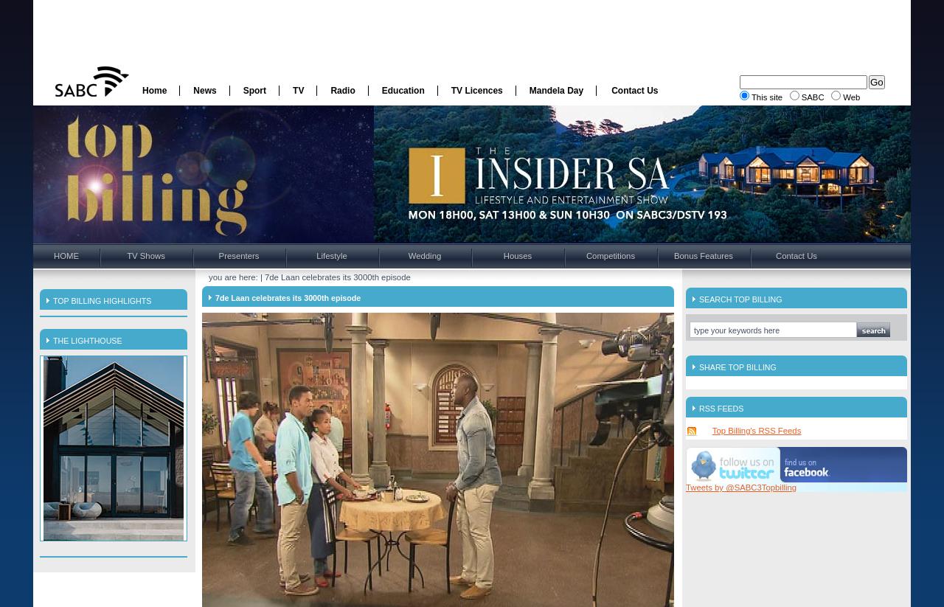 This screenshot has width=944, height=607. Describe the element at coordinates (840, 97) in the screenshot. I see `'Web'` at that location.